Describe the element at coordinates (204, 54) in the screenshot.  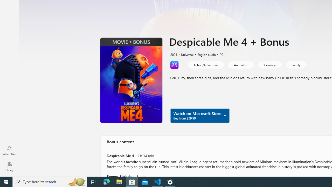
I see `'English audio'` at that location.